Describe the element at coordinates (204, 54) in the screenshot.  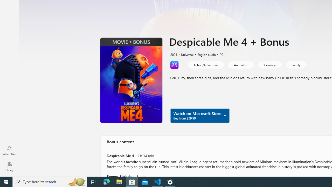
I see `'English audio'` at that location.